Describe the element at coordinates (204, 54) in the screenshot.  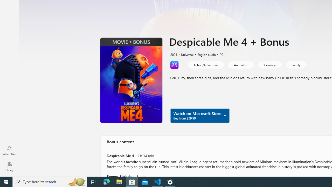
I see `'English audio'` at that location.